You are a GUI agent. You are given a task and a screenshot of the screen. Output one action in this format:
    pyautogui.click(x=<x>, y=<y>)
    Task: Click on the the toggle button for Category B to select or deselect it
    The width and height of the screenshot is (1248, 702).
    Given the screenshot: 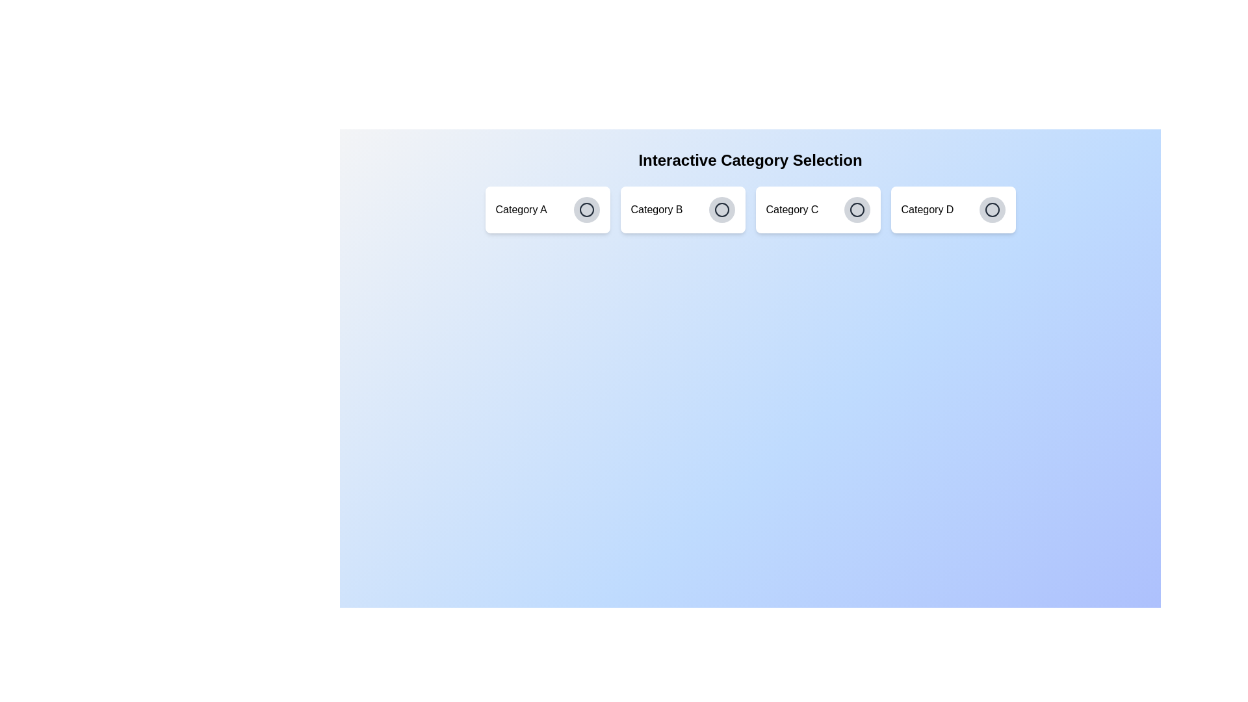 What is the action you would take?
    pyautogui.click(x=721, y=209)
    